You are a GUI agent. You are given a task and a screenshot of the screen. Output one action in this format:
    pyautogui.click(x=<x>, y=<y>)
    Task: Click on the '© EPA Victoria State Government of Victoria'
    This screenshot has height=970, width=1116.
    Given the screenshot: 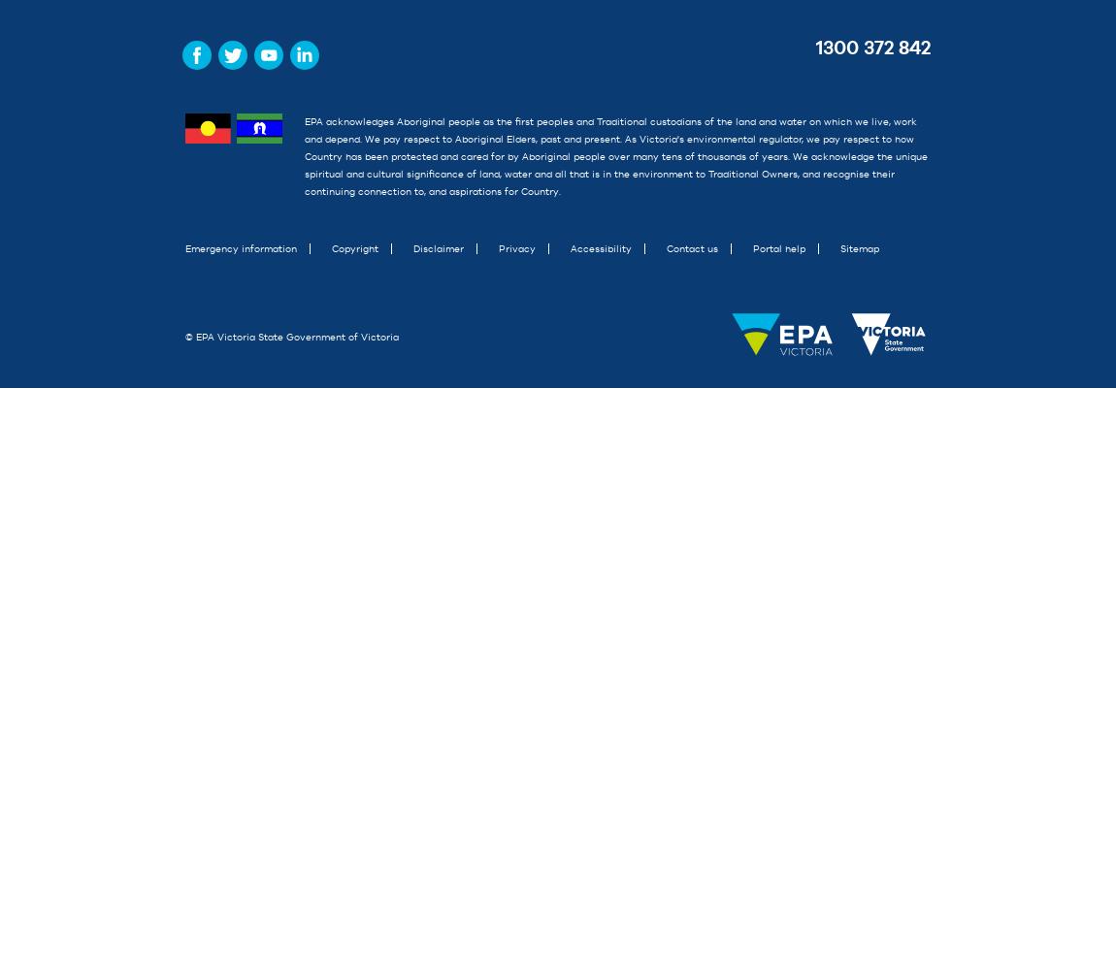 What is the action you would take?
    pyautogui.click(x=291, y=336)
    